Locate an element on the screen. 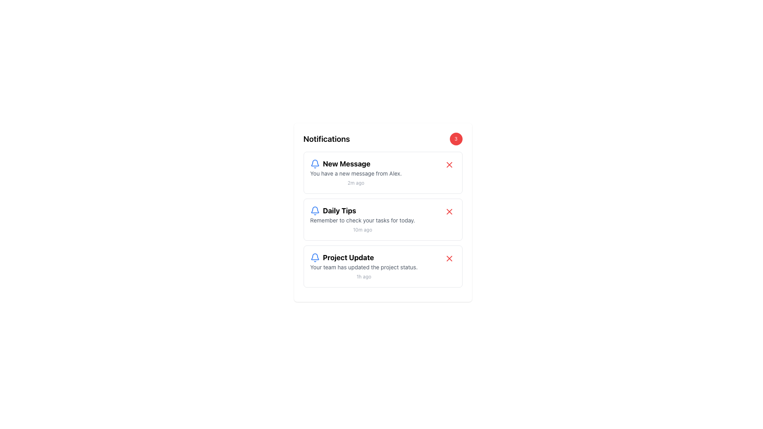 This screenshot has width=763, height=429. the small circular red button with a central 'X' icon is located at coordinates (449, 164).